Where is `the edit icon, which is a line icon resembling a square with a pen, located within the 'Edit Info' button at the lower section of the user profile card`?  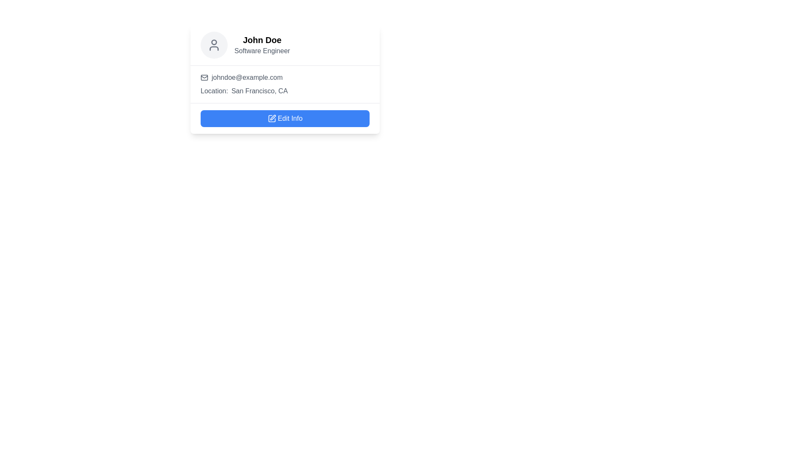
the edit icon, which is a line icon resembling a square with a pen, located within the 'Edit Info' button at the lower section of the user profile card is located at coordinates (272, 119).